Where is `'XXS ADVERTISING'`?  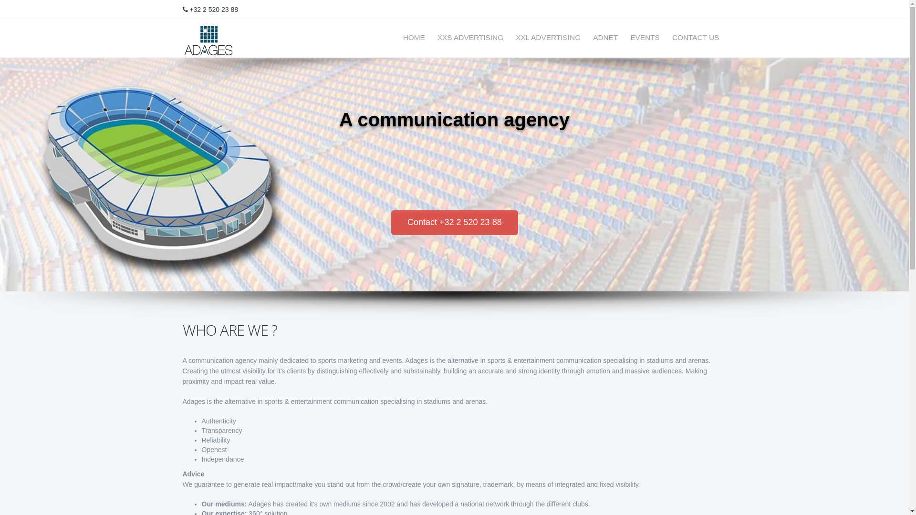
'XXS ADVERTISING' is located at coordinates (430, 37).